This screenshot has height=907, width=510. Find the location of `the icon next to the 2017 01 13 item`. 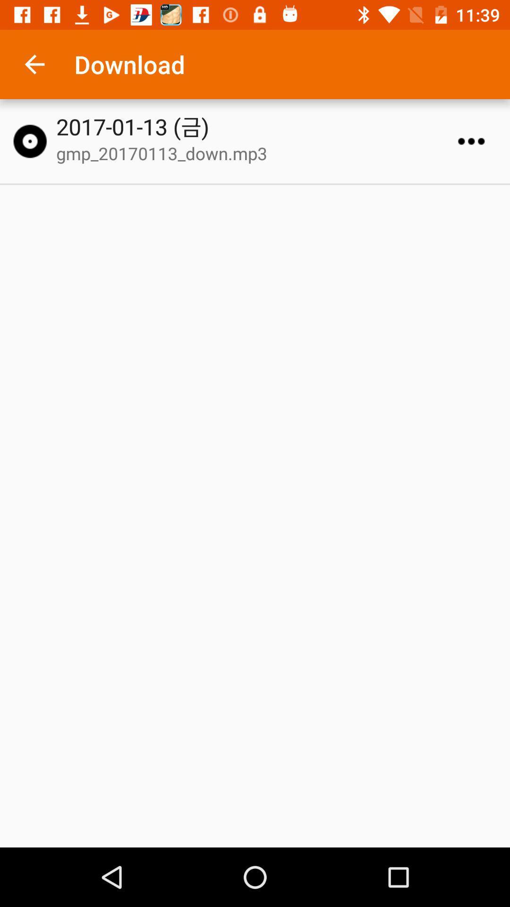

the icon next to the 2017 01 13 item is located at coordinates (29, 141).